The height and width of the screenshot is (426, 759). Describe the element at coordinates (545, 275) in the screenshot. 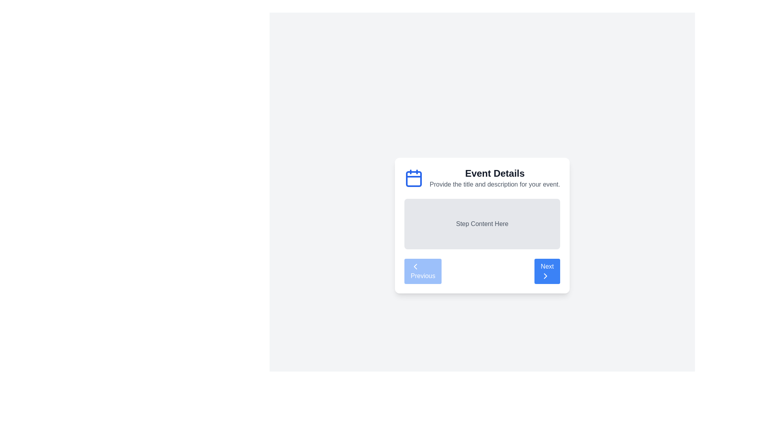

I see `the right-facing chevron icon located within the 'Next' button, which has white text and is positioned at the bottom right corner of the white card interface` at that location.